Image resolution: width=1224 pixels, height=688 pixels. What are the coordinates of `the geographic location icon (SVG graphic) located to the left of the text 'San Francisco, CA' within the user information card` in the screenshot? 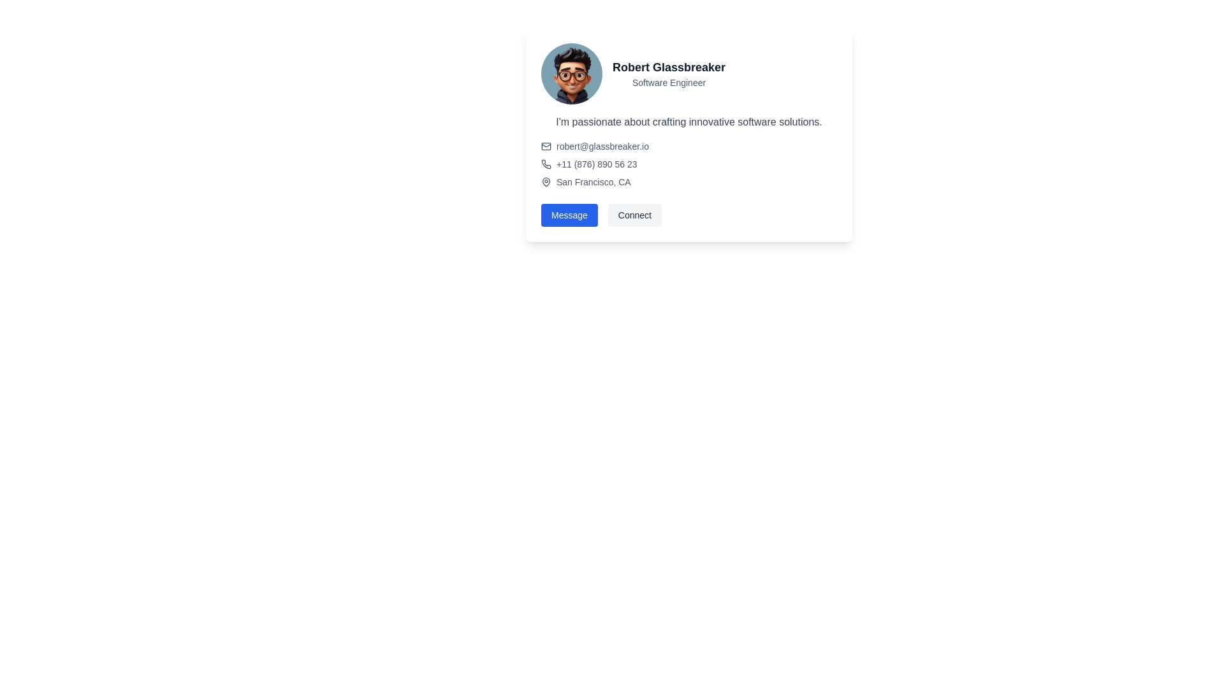 It's located at (546, 182).